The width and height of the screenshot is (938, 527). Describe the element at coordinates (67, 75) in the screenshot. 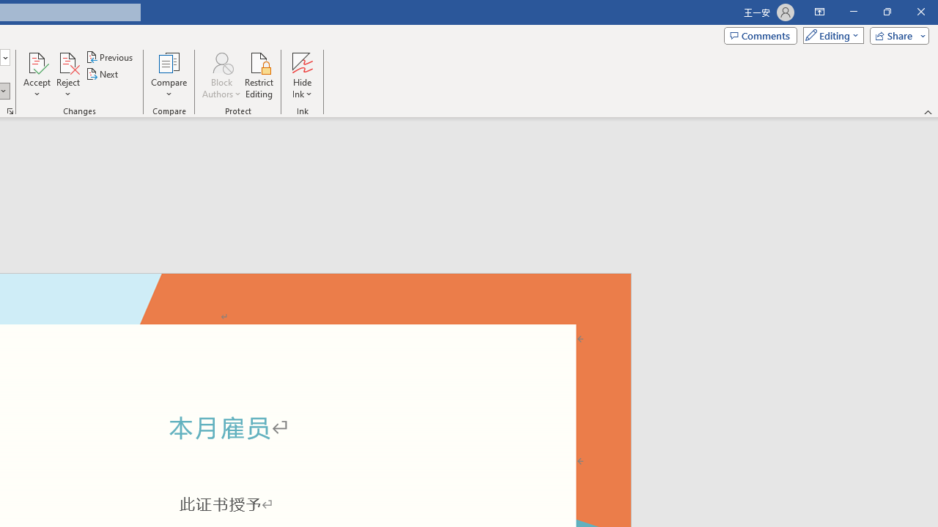

I see `'Reject'` at that location.